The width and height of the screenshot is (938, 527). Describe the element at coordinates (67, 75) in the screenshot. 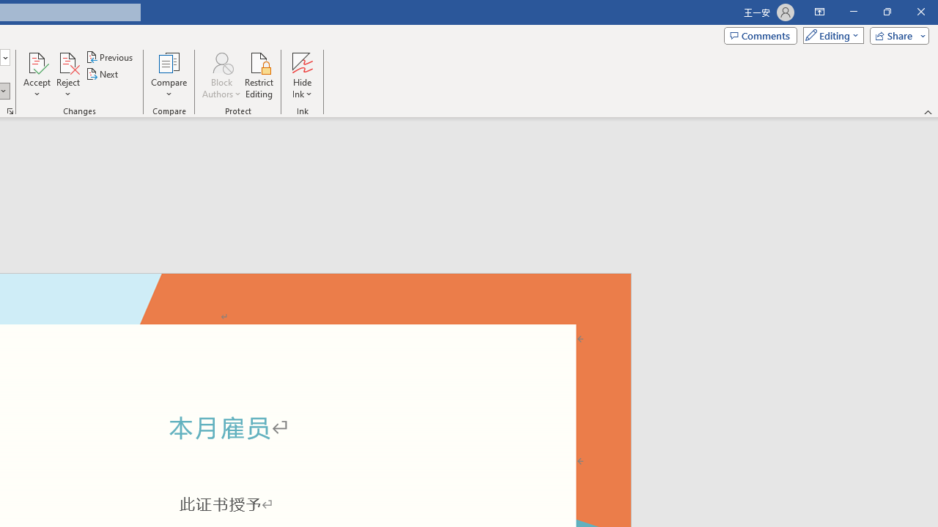

I see `'Reject'` at that location.